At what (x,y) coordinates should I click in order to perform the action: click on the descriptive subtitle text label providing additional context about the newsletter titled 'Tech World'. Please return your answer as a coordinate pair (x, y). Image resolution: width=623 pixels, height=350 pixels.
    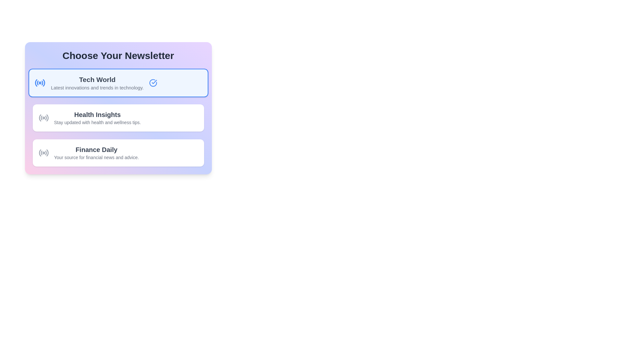
    Looking at the image, I should click on (97, 87).